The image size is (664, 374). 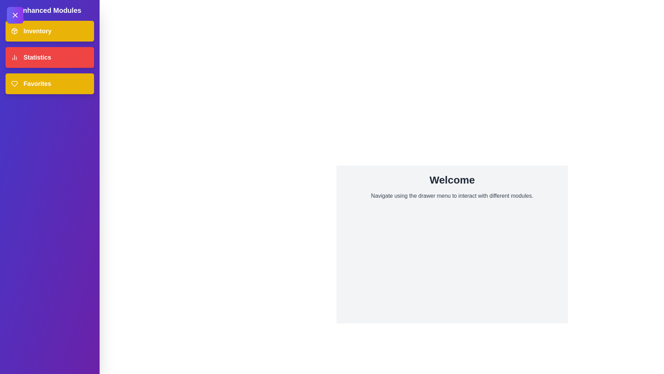 I want to click on button with the X or Menu icon to toggle the drawer, so click(x=15, y=15).